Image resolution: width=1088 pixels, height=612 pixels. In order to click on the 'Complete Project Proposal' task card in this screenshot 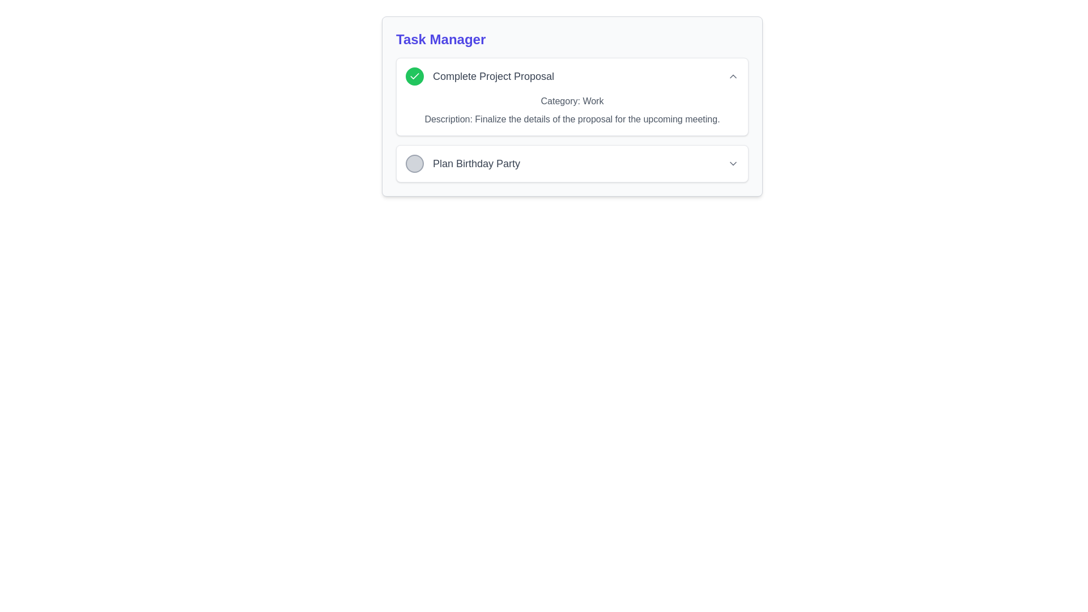, I will do `click(572, 107)`.